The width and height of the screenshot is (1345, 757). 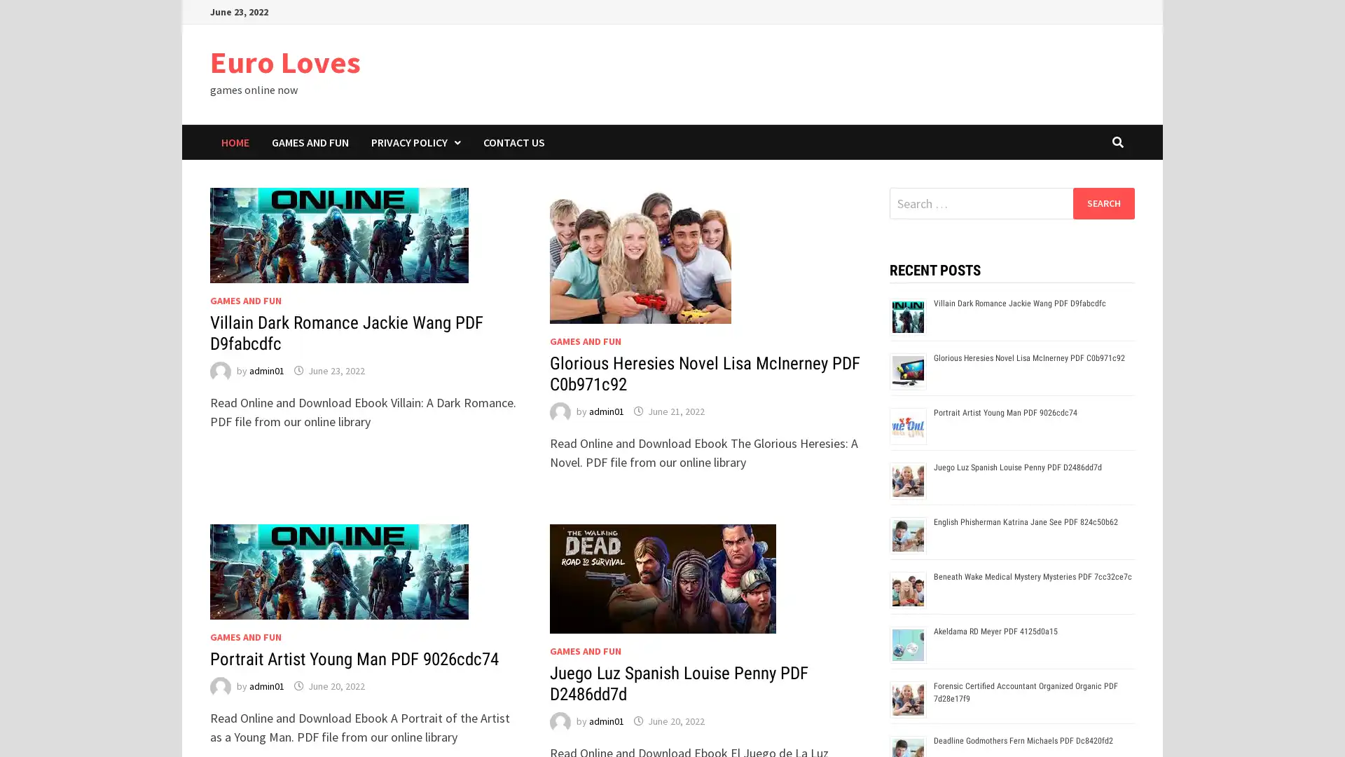 I want to click on Search, so click(x=1103, y=203).